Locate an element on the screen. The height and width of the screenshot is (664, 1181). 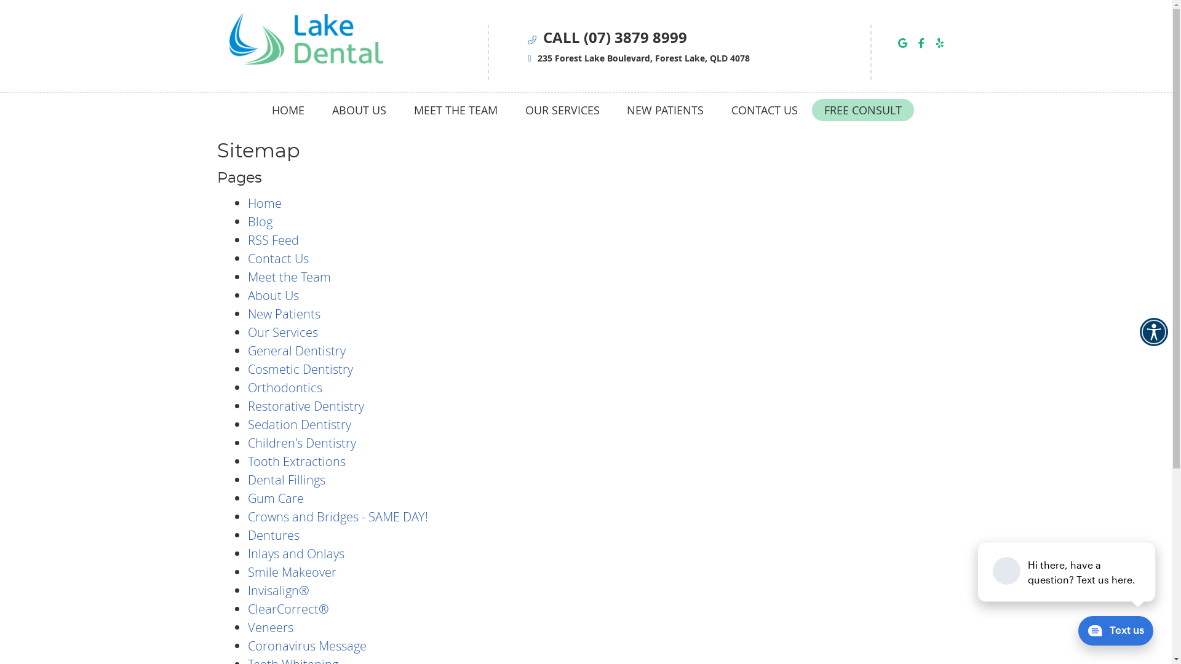
'ABOUT US' is located at coordinates (319, 109).